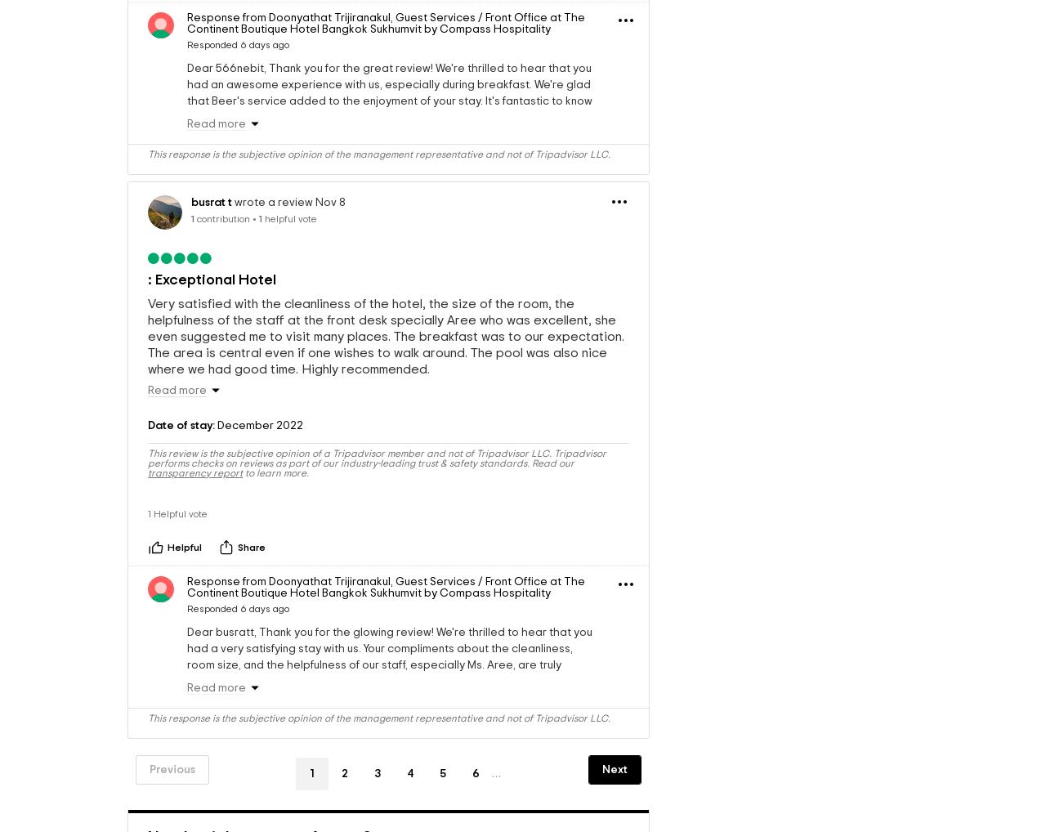 The height and width of the screenshot is (832, 1046). Describe the element at coordinates (275, 516) in the screenshot. I see `'to learn more.'` at that location.